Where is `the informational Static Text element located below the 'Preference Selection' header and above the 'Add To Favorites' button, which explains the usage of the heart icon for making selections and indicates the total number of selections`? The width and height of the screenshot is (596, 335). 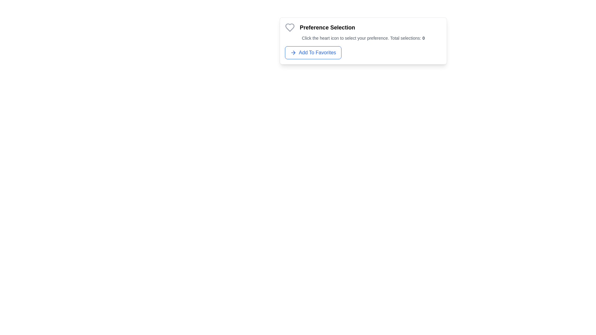
the informational Static Text element located below the 'Preference Selection' header and above the 'Add To Favorites' button, which explains the usage of the heart icon for making selections and indicates the total number of selections is located at coordinates (363, 38).